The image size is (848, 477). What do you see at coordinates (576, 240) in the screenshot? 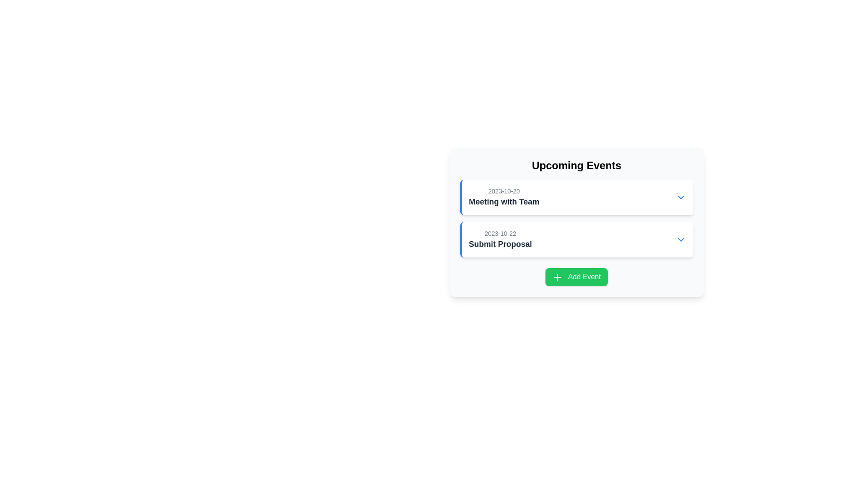
I see `the event card titled 'Submit Proposal' which is located below the 'Meeting with Team' card in the 'Upcoming Events' section` at bounding box center [576, 240].